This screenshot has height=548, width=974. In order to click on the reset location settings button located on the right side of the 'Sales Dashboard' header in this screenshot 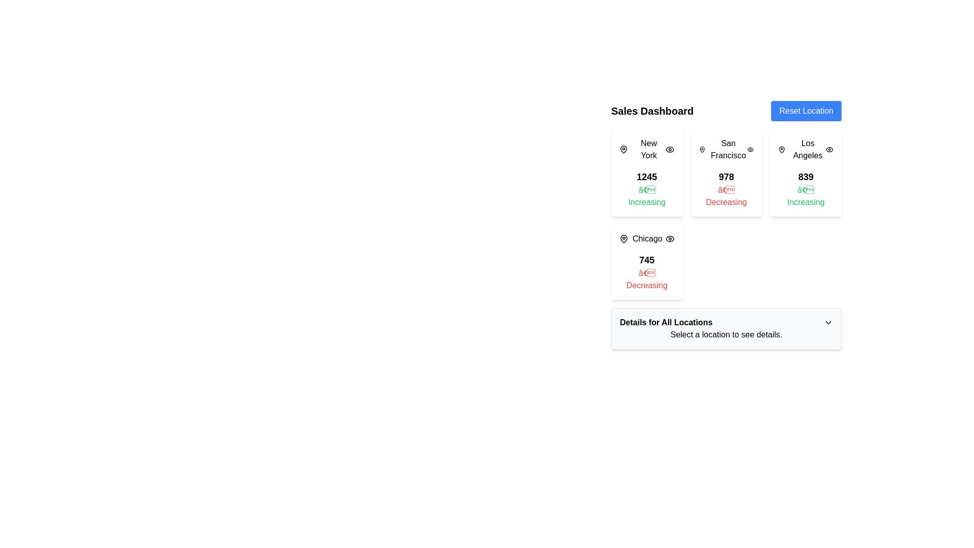, I will do `click(806, 111)`.